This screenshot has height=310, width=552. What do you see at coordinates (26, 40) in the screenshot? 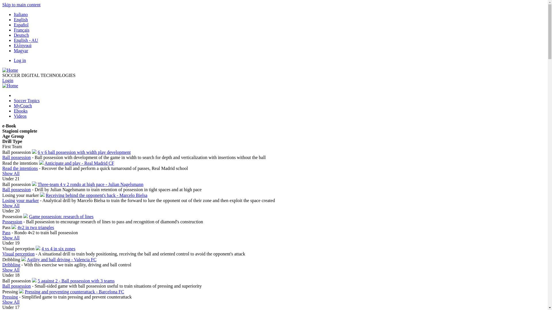
I see `'English - AU'` at bounding box center [26, 40].